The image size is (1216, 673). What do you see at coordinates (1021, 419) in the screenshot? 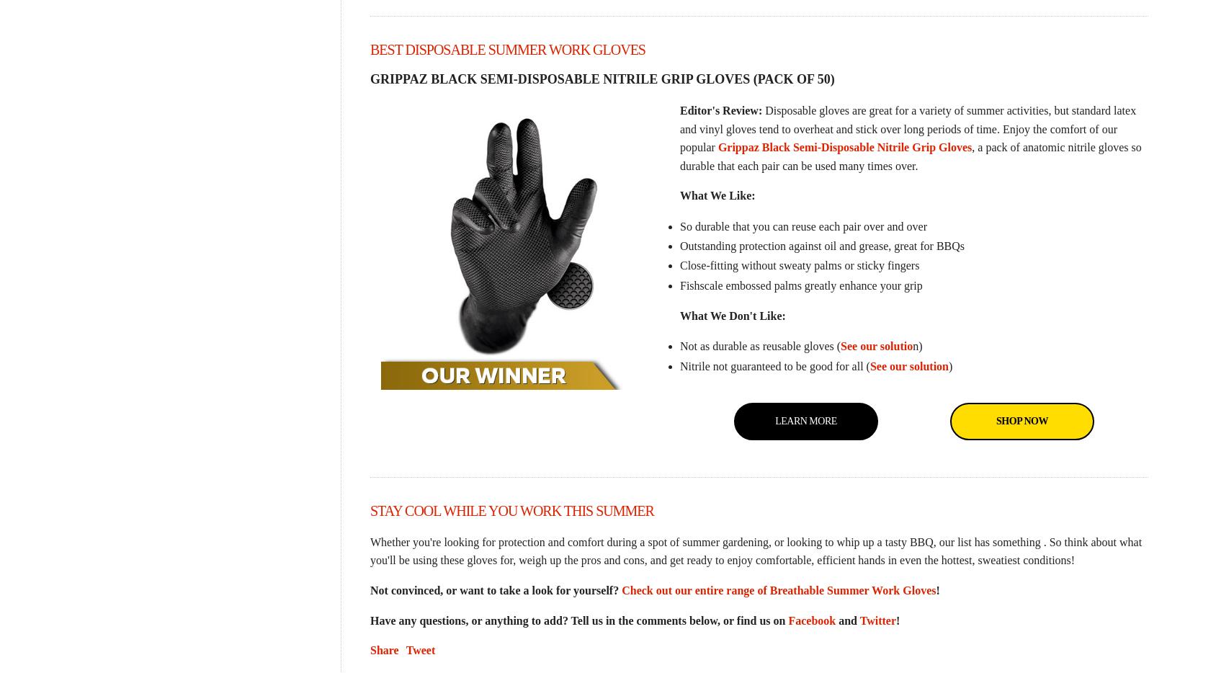
I see `'Shop Now'` at bounding box center [1021, 419].